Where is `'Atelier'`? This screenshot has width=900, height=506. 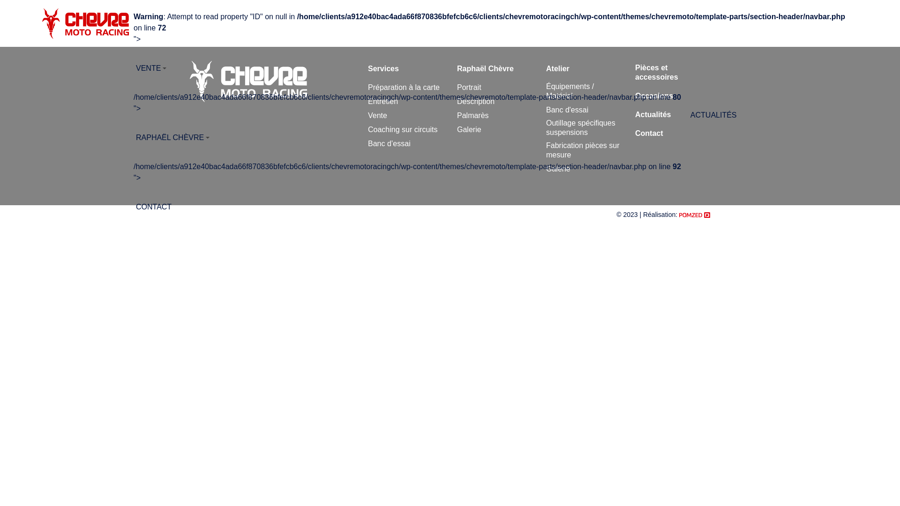
'Atelier' is located at coordinates (558, 68).